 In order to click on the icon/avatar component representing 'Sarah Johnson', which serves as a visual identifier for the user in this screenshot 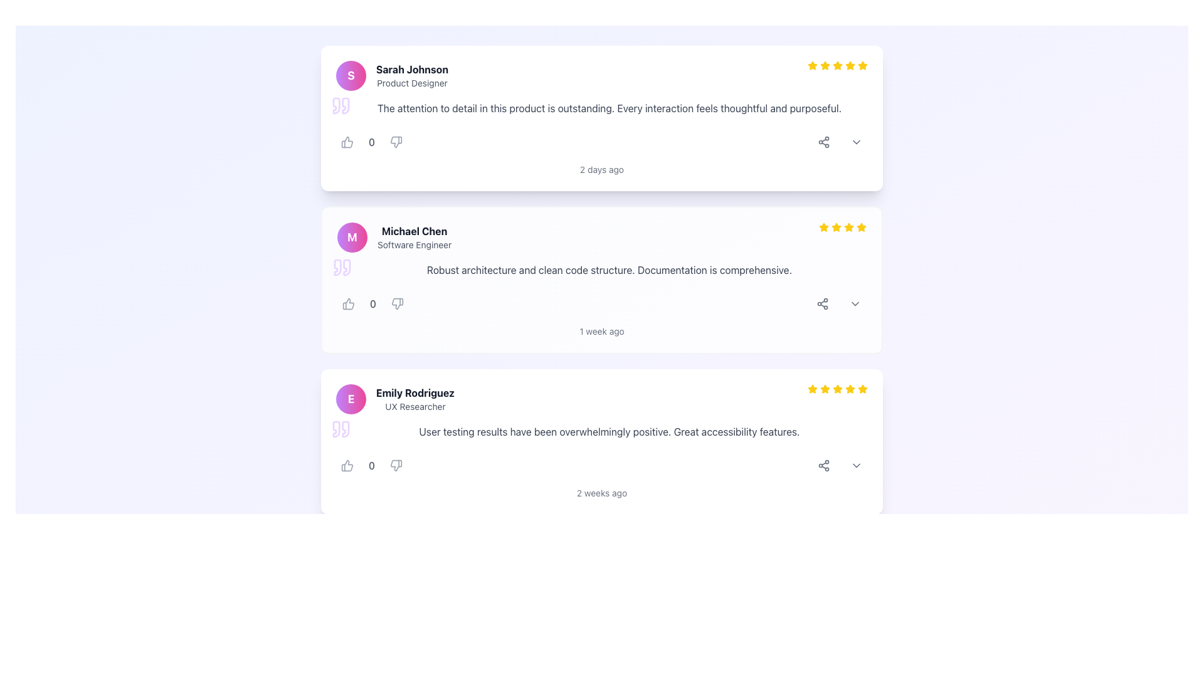, I will do `click(351, 75)`.